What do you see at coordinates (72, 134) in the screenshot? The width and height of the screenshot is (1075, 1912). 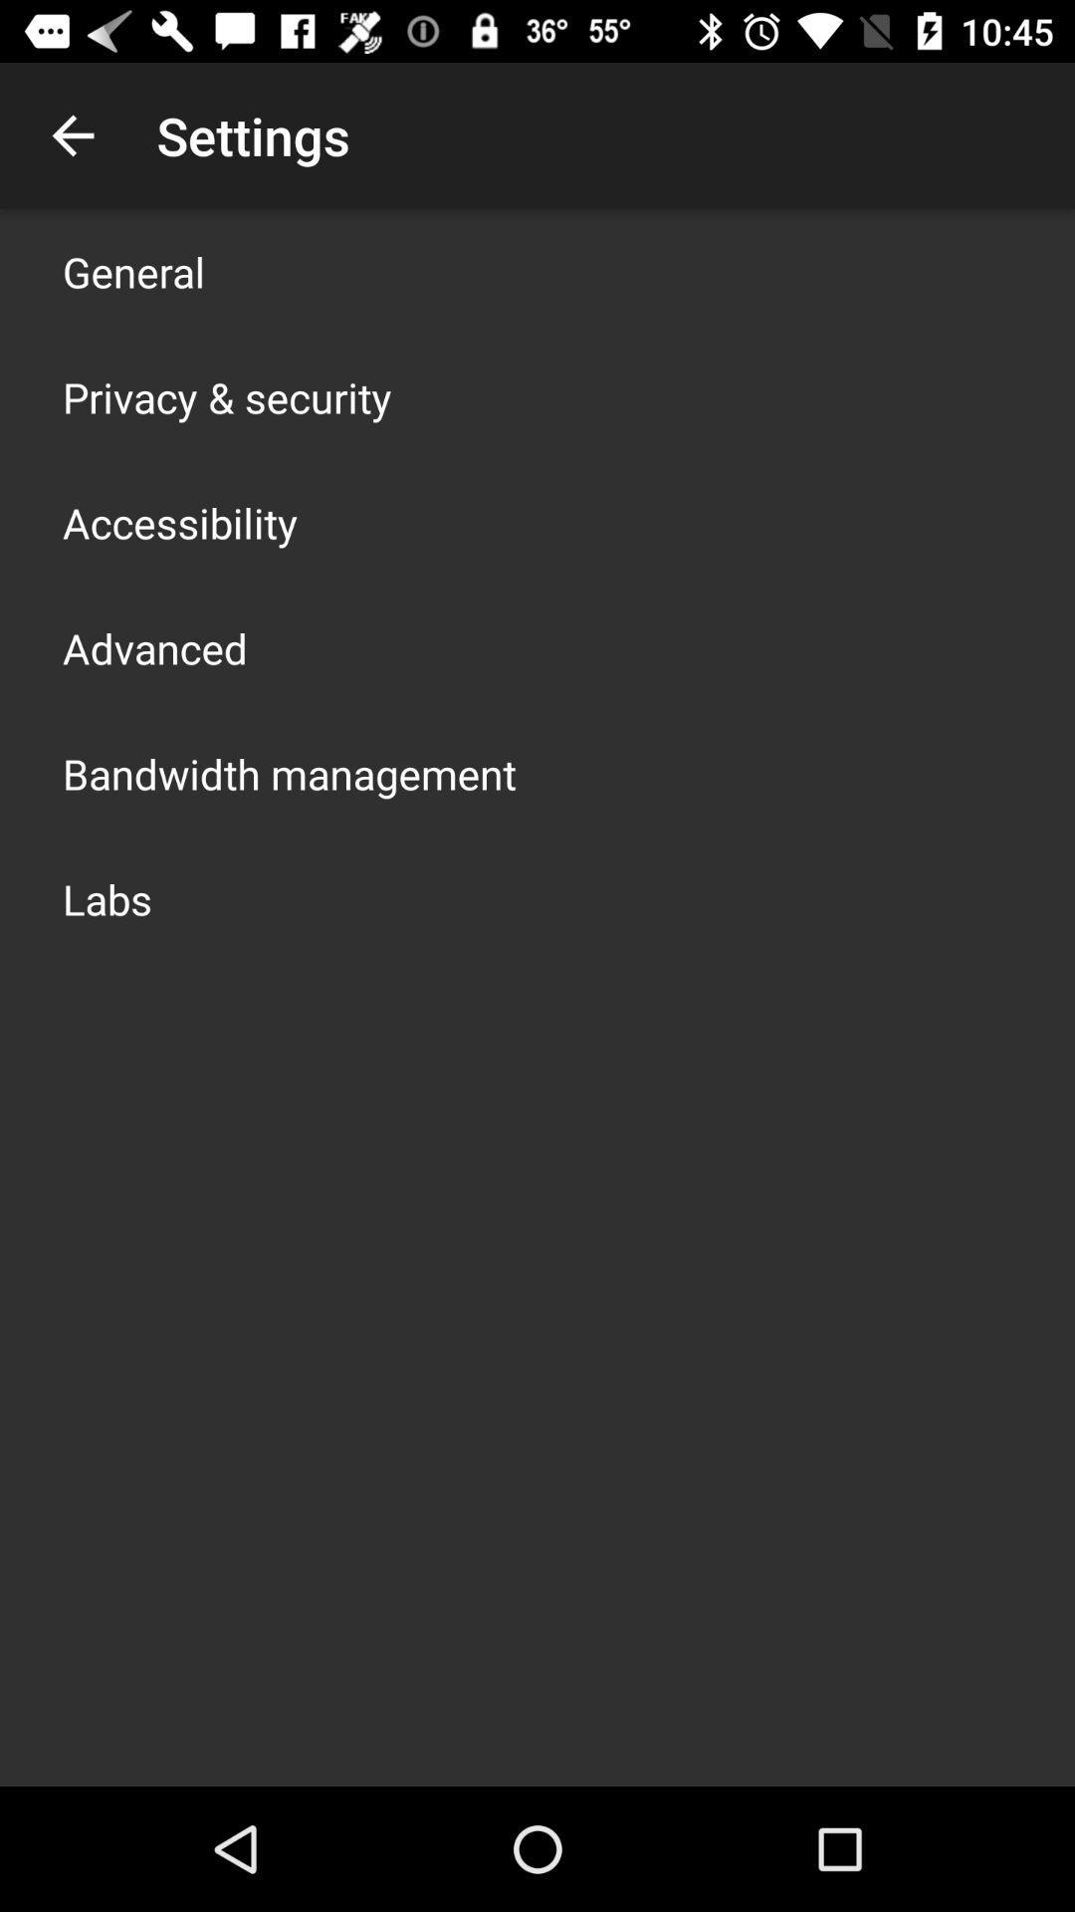 I see `app above general icon` at bounding box center [72, 134].